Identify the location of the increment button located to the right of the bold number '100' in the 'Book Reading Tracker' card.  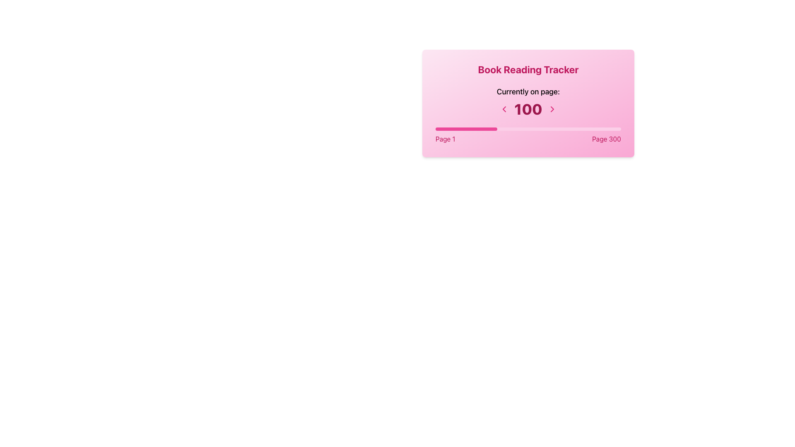
(552, 108).